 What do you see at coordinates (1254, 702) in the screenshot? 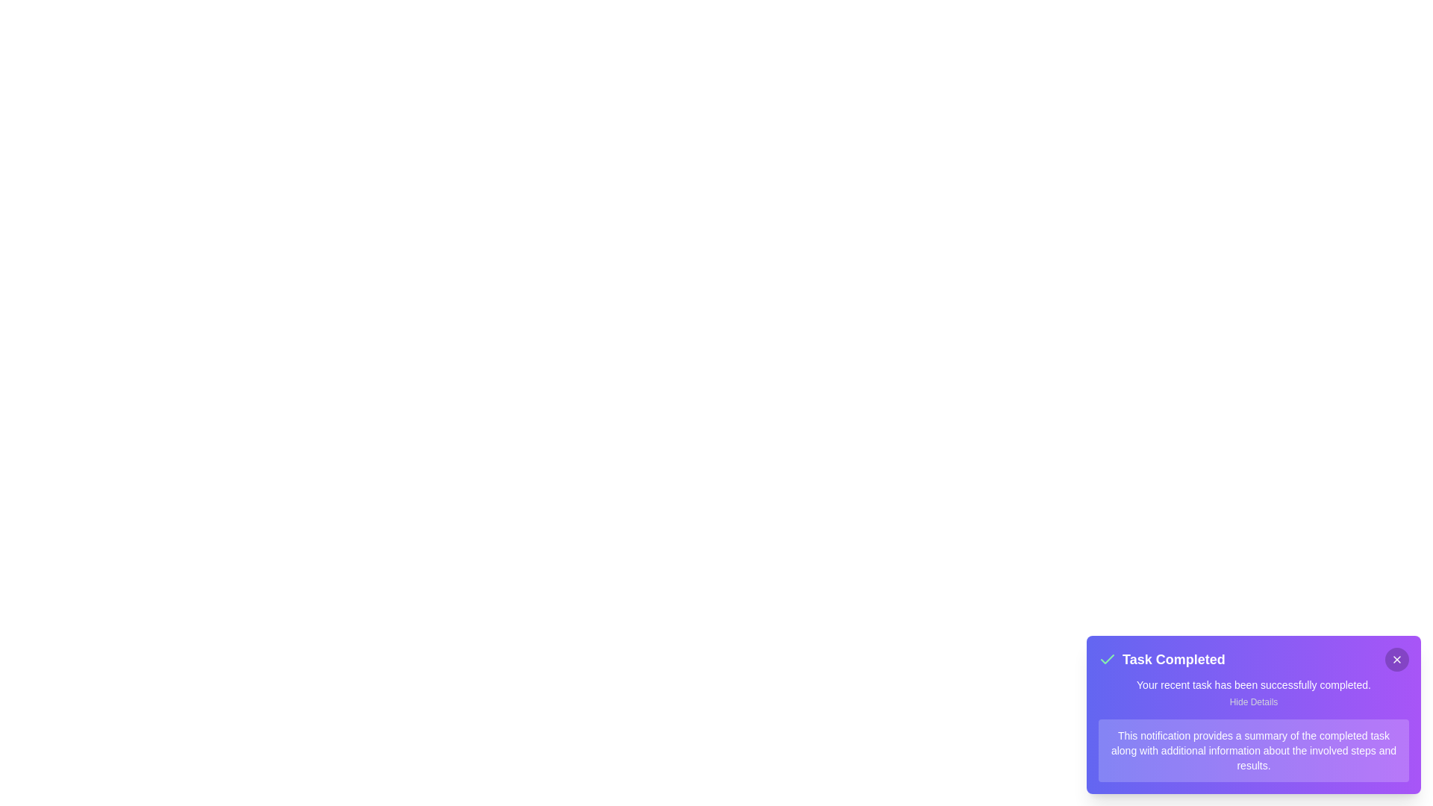
I see `the 'Hide Details' button to toggle the visibility of the details section` at bounding box center [1254, 702].